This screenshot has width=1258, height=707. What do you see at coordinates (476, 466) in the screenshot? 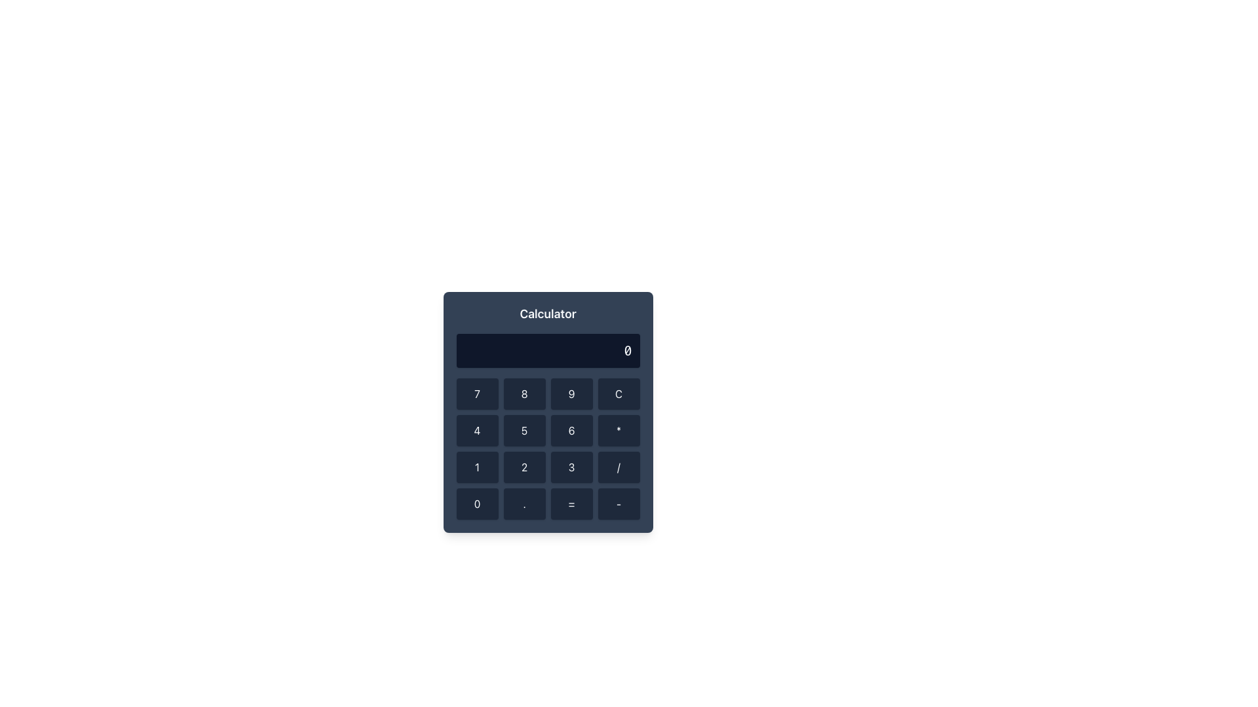
I see `the button representing the digit '1' on the calculator to input '1' into the current calculation sequence` at bounding box center [476, 466].